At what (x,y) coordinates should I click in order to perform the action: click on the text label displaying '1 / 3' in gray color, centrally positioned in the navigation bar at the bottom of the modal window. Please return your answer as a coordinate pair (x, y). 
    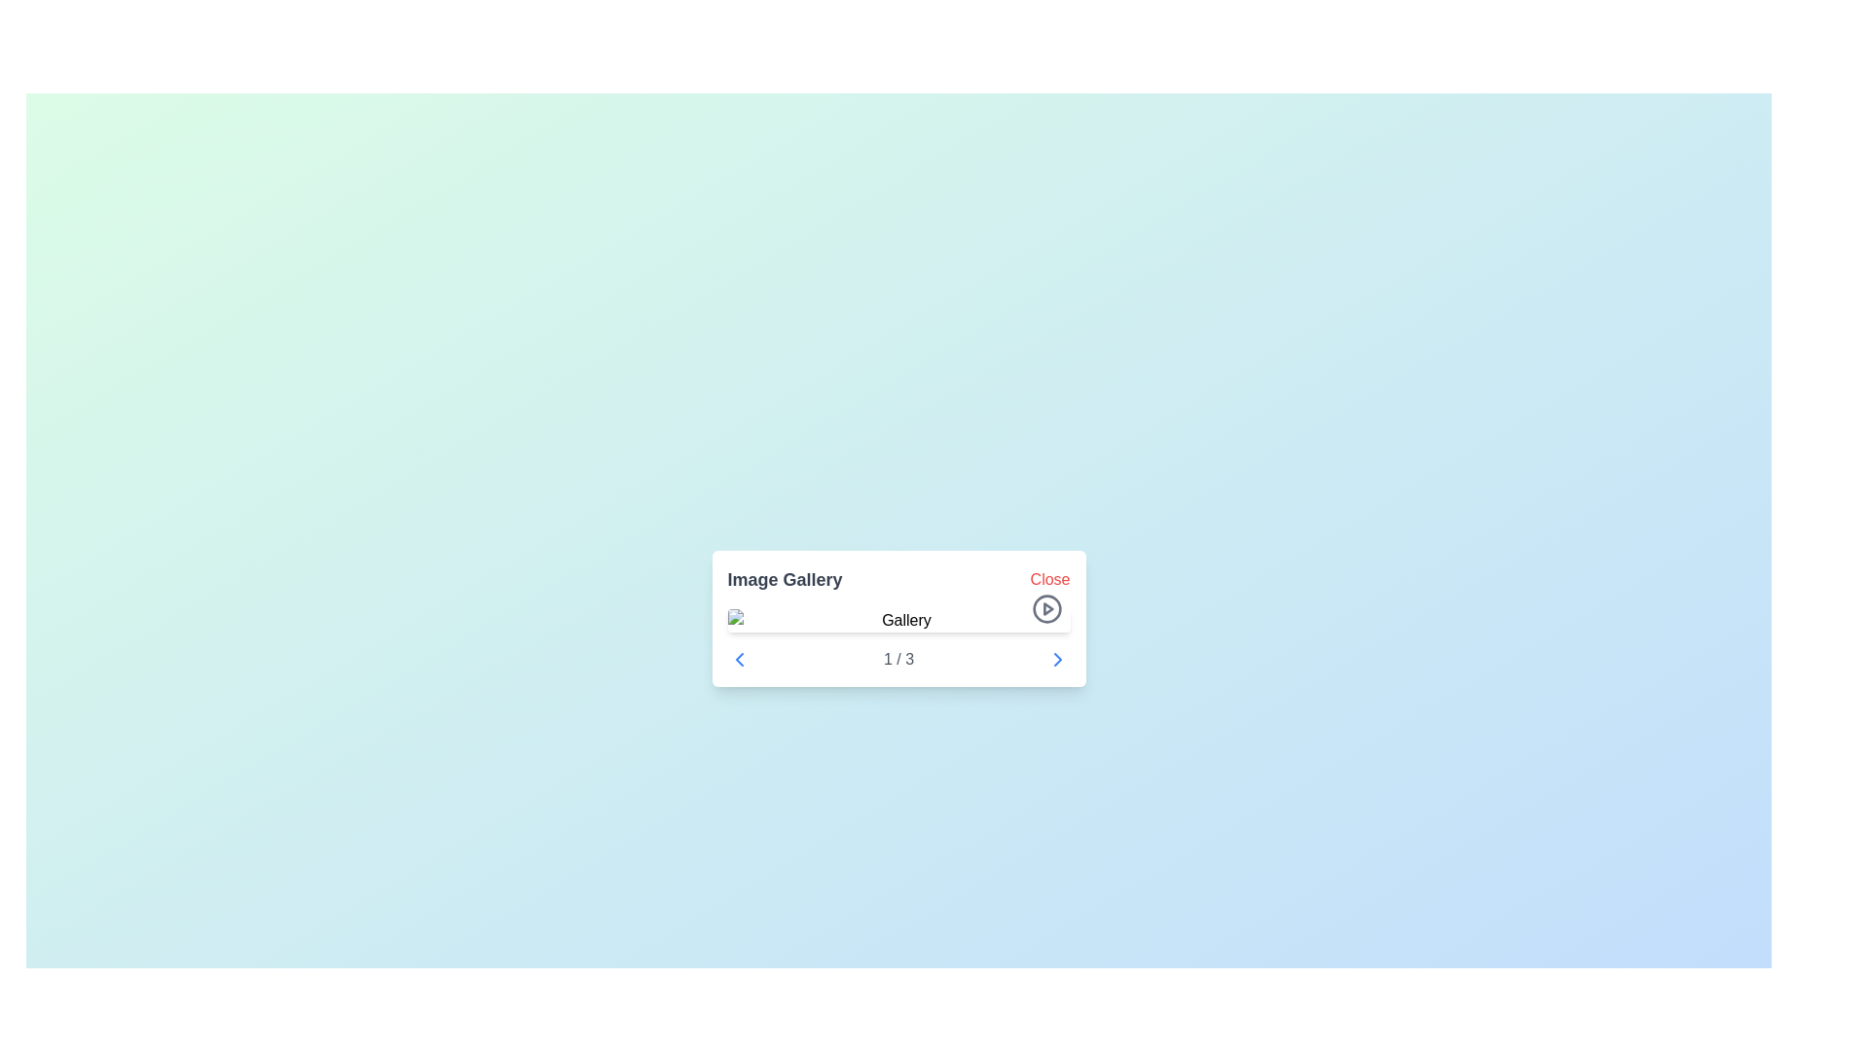
    Looking at the image, I should click on (898, 659).